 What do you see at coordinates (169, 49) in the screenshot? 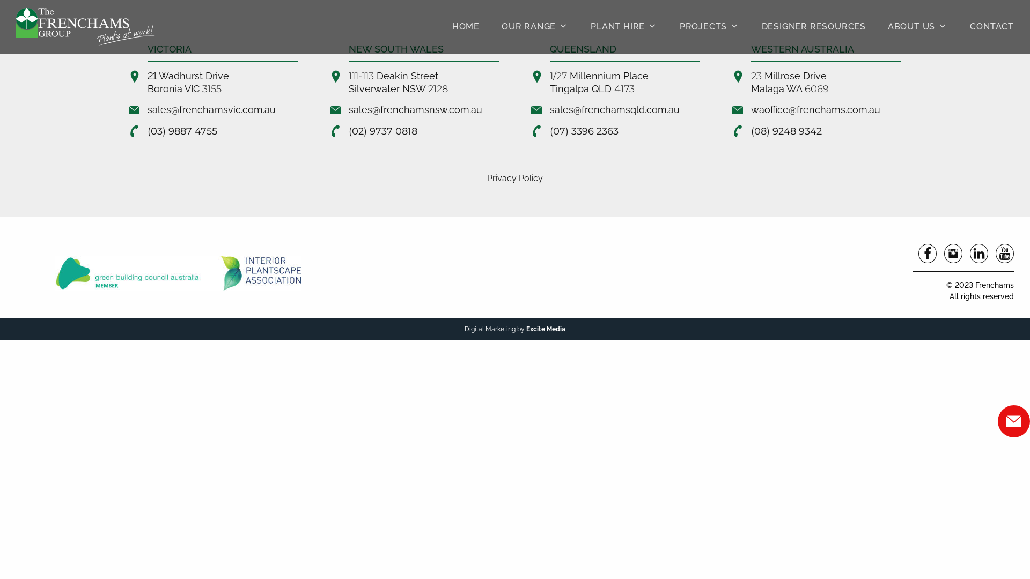
I see `'VICTORIA'` at bounding box center [169, 49].